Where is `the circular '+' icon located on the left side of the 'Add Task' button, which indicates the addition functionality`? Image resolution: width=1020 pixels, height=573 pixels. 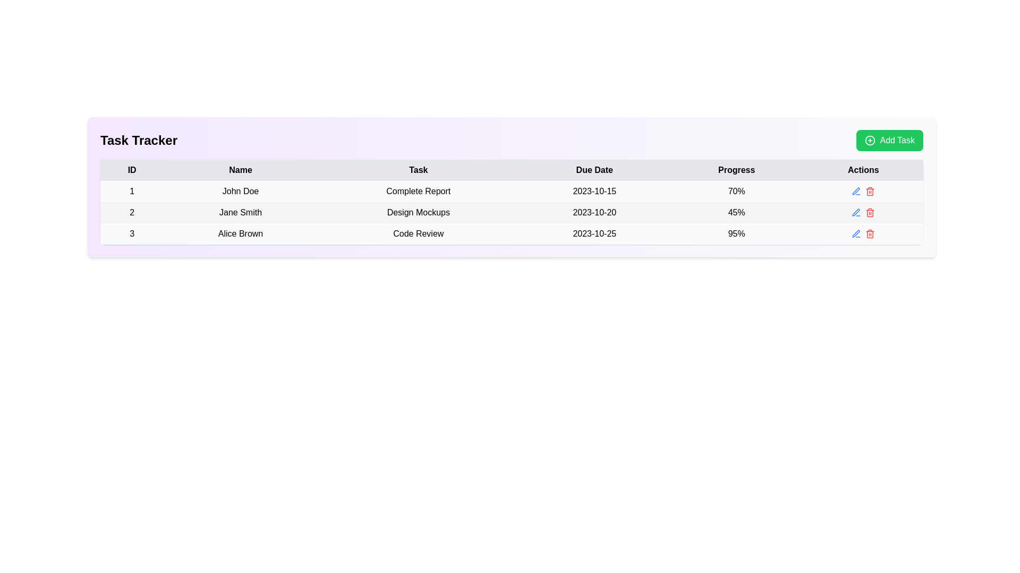
the circular '+' icon located on the left side of the 'Add Task' button, which indicates the addition functionality is located at coordinates (870, 140).